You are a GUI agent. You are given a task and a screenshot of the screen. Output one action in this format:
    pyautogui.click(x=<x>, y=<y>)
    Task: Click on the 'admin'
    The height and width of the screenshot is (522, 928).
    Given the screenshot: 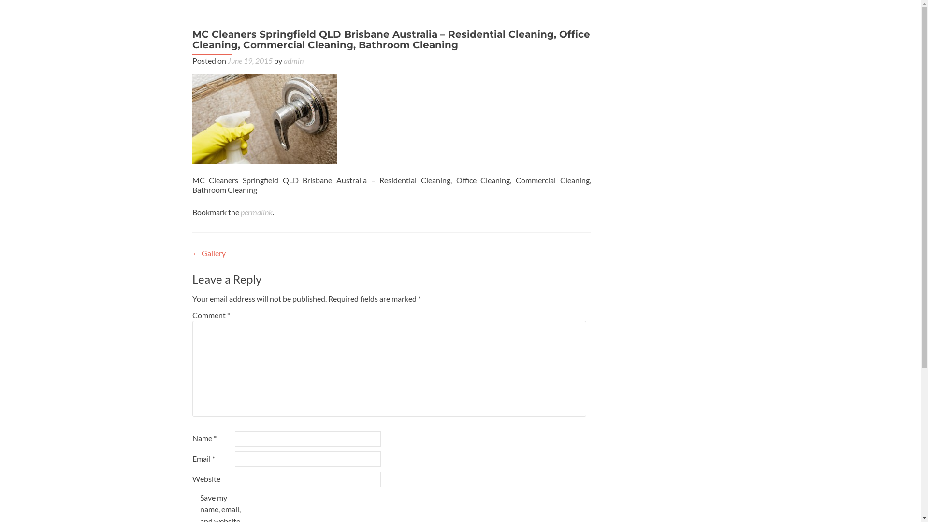 What is the action you would take?
    pyautogui.click(x=282, y=60)
    